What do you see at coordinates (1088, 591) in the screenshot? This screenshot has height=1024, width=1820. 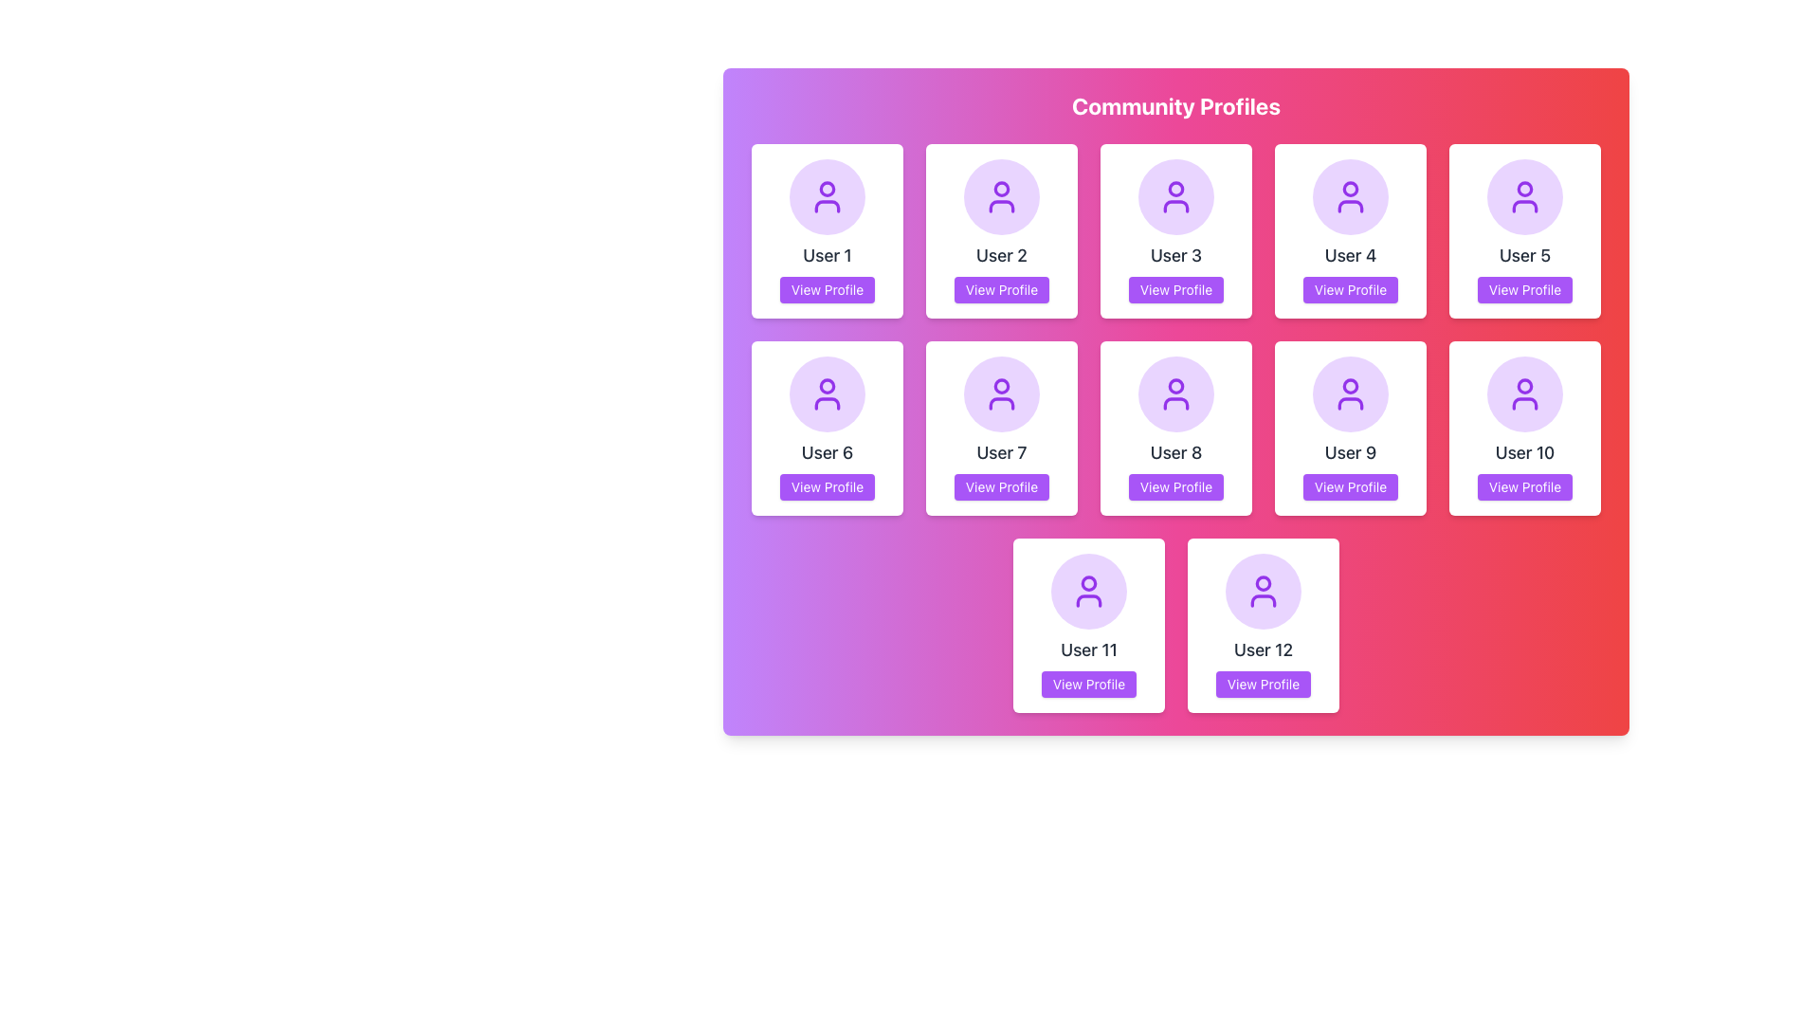 I see `the decorative user icon representing 'User 11' in the profile card located in the third row and first column of the user grid` at bounding box center [1088, 591].